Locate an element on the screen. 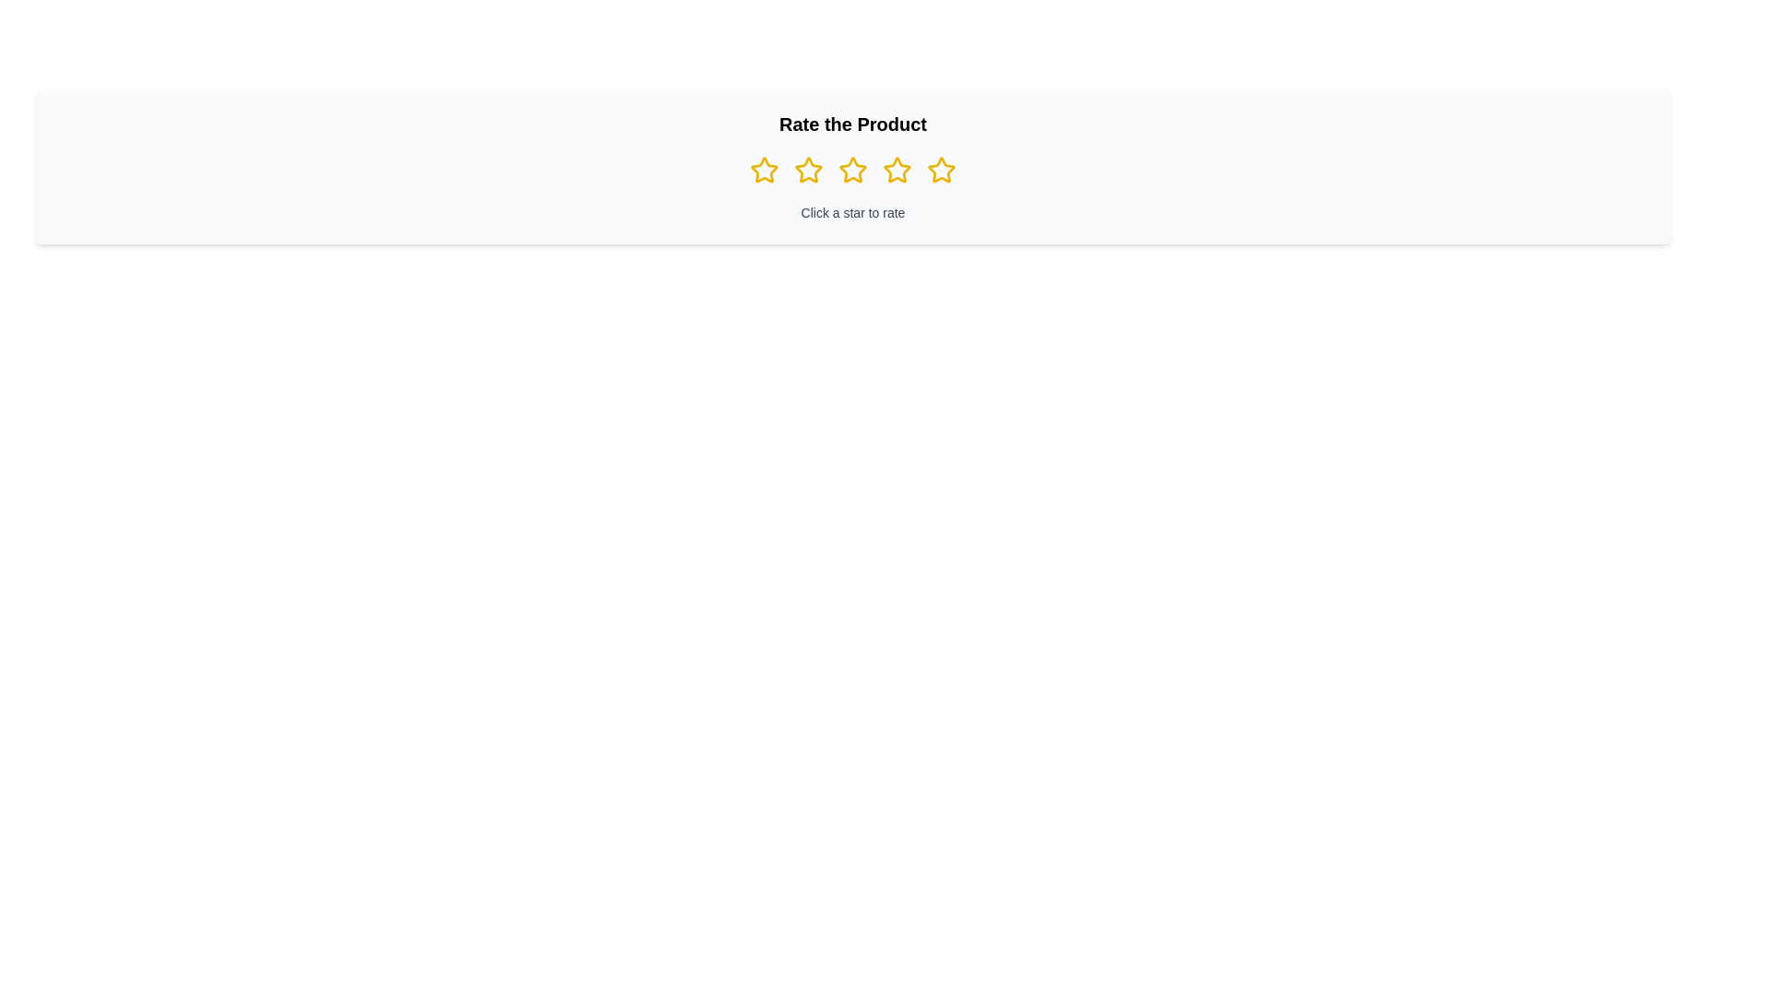  the fifth star icon in the rating component is located at coordinates (942, 170).